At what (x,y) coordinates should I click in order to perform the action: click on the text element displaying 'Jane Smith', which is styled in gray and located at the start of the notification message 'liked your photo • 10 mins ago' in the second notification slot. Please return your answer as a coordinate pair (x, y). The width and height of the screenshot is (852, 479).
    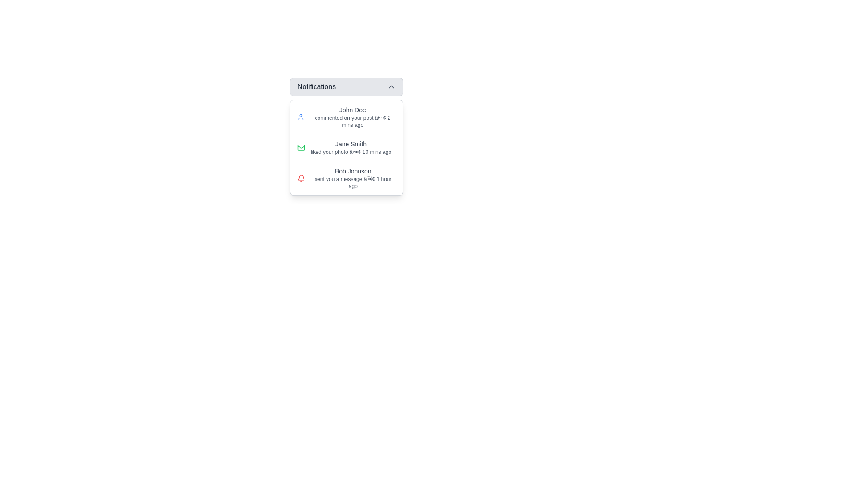
    Looking at the image, I should click on (351, 143).